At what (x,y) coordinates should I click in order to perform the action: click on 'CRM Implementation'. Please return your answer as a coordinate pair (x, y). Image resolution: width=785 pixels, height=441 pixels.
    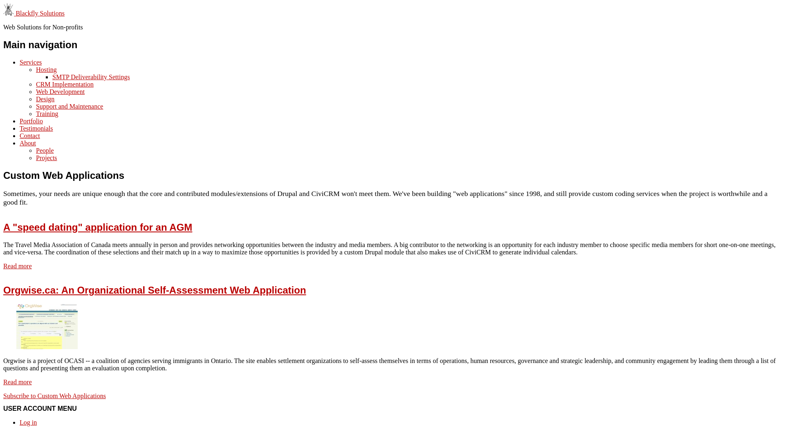
    Looking at the image, I should click on (64, 84).